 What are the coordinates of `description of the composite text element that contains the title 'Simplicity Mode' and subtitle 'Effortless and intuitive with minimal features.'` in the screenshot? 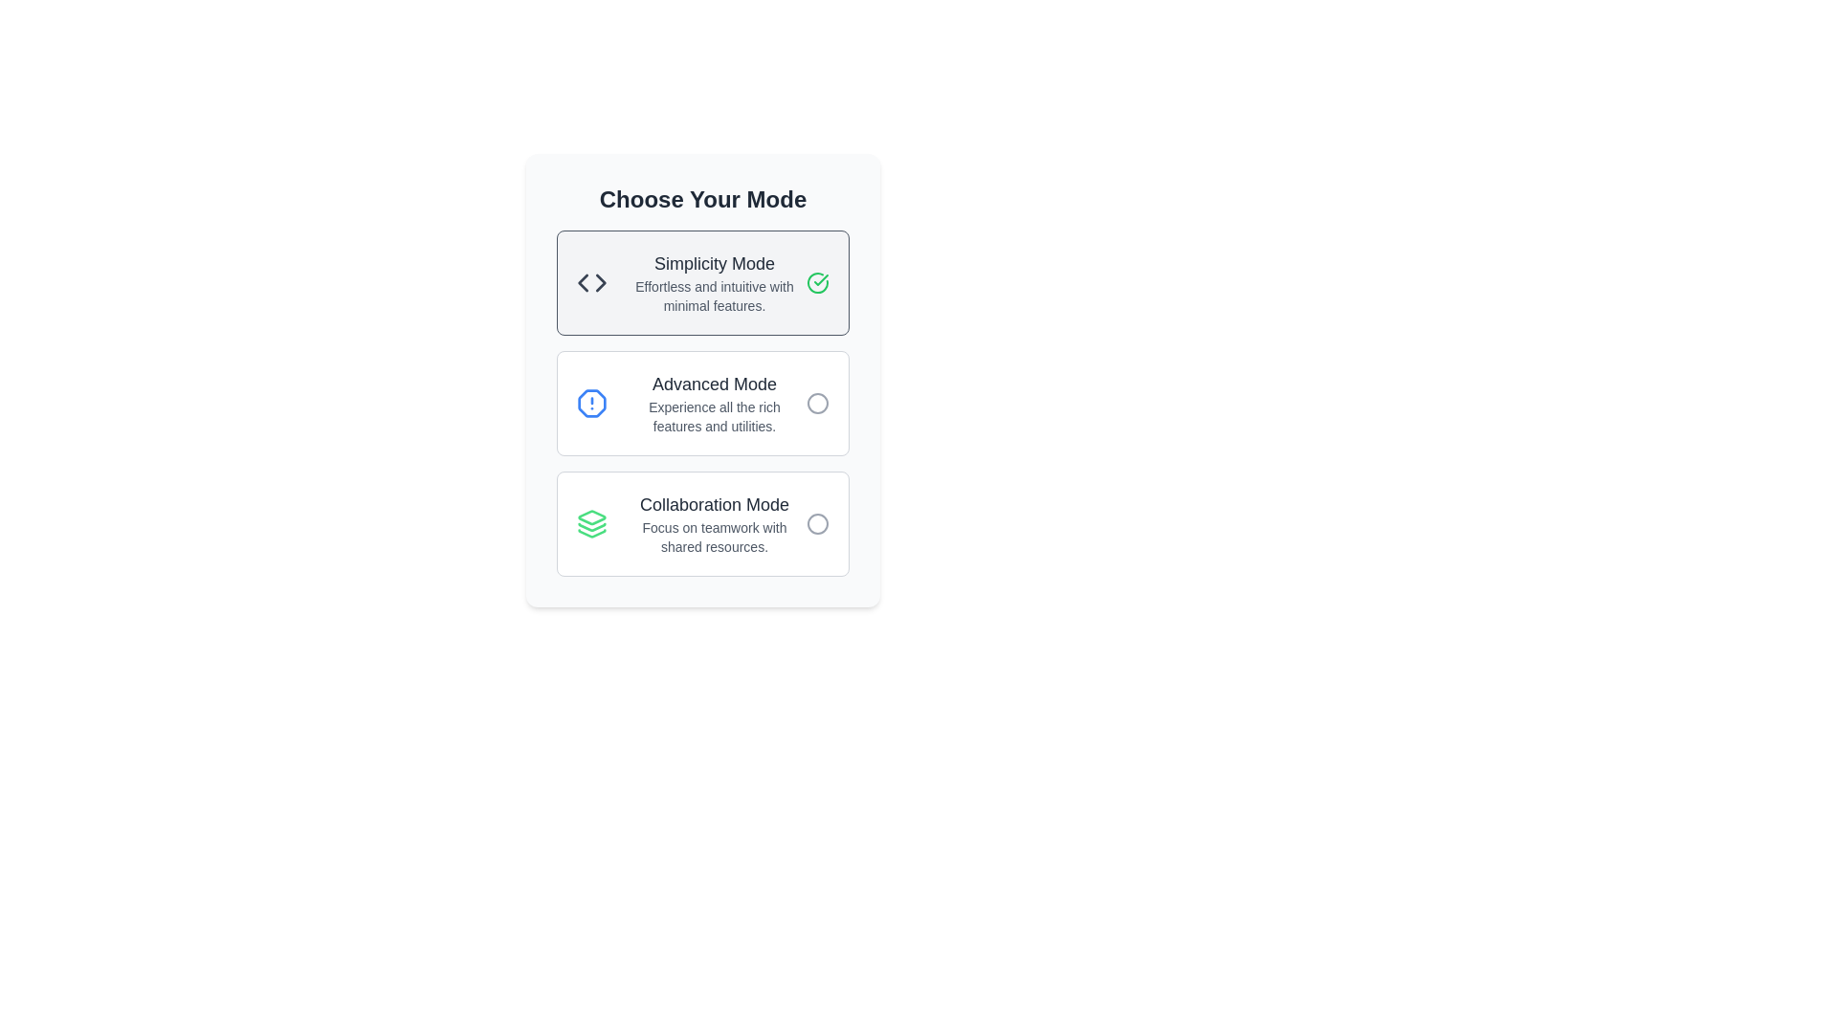 It's located at (714, 283).